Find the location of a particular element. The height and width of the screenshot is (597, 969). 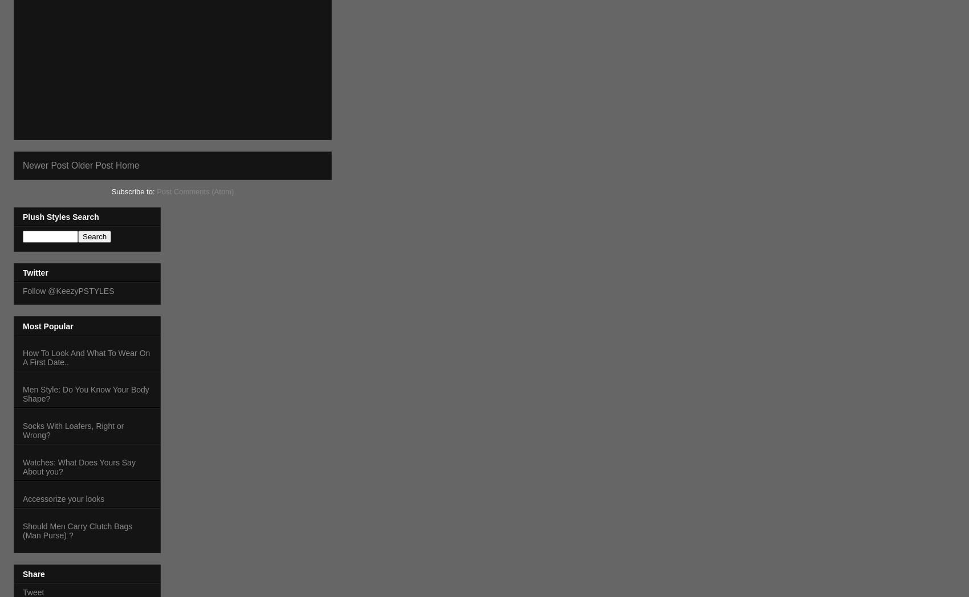

'Twitter' is located at coordinates (35, 272).